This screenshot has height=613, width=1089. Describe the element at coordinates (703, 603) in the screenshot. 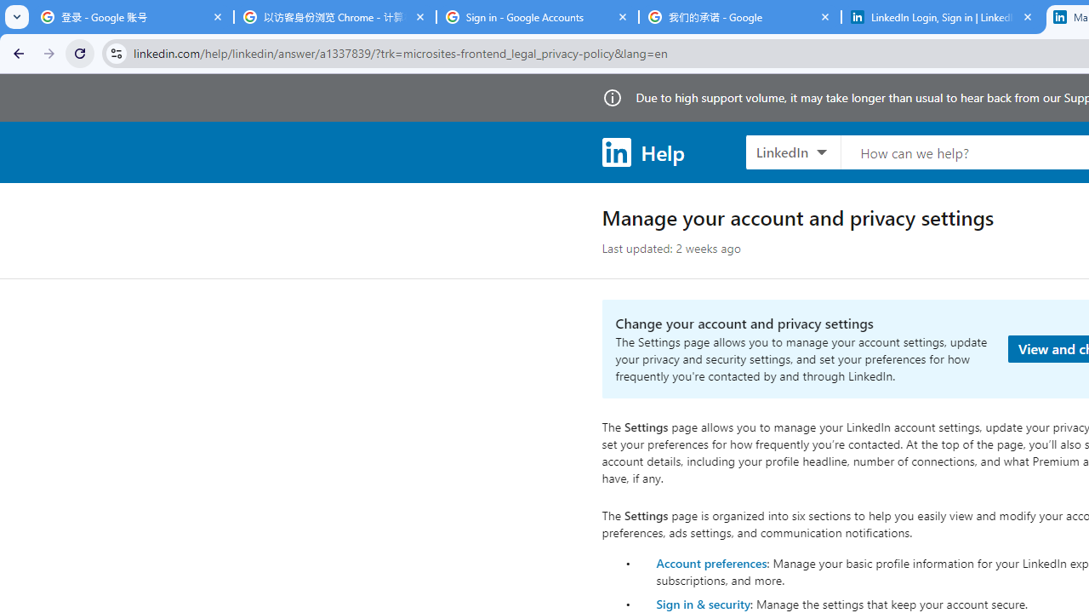

I see `'Sign in & security'` at that location.